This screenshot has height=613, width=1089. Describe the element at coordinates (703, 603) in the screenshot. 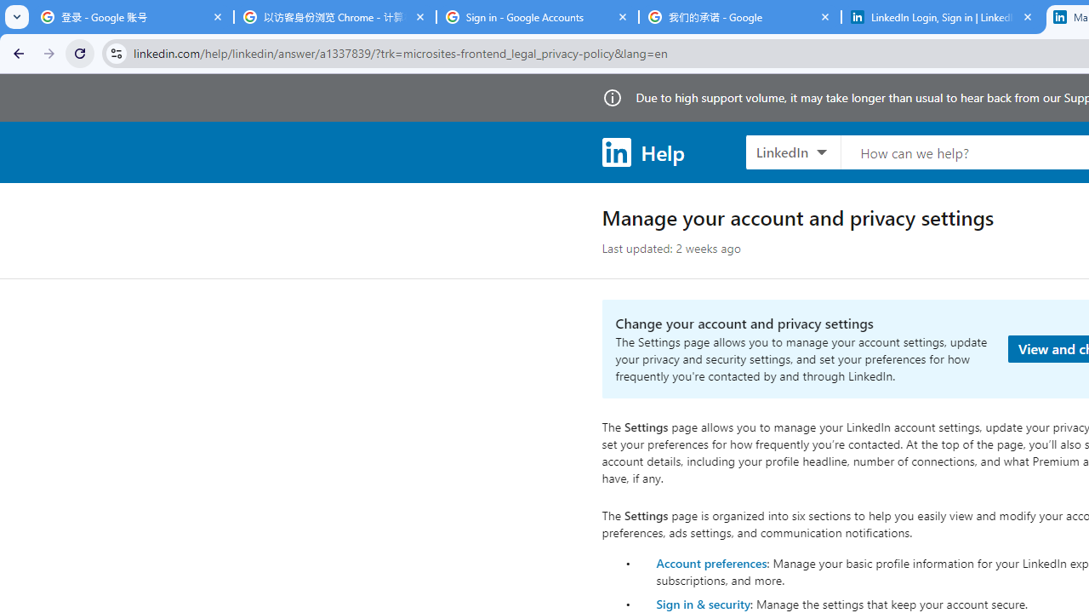

I see `'Sign in & security'` at that location.